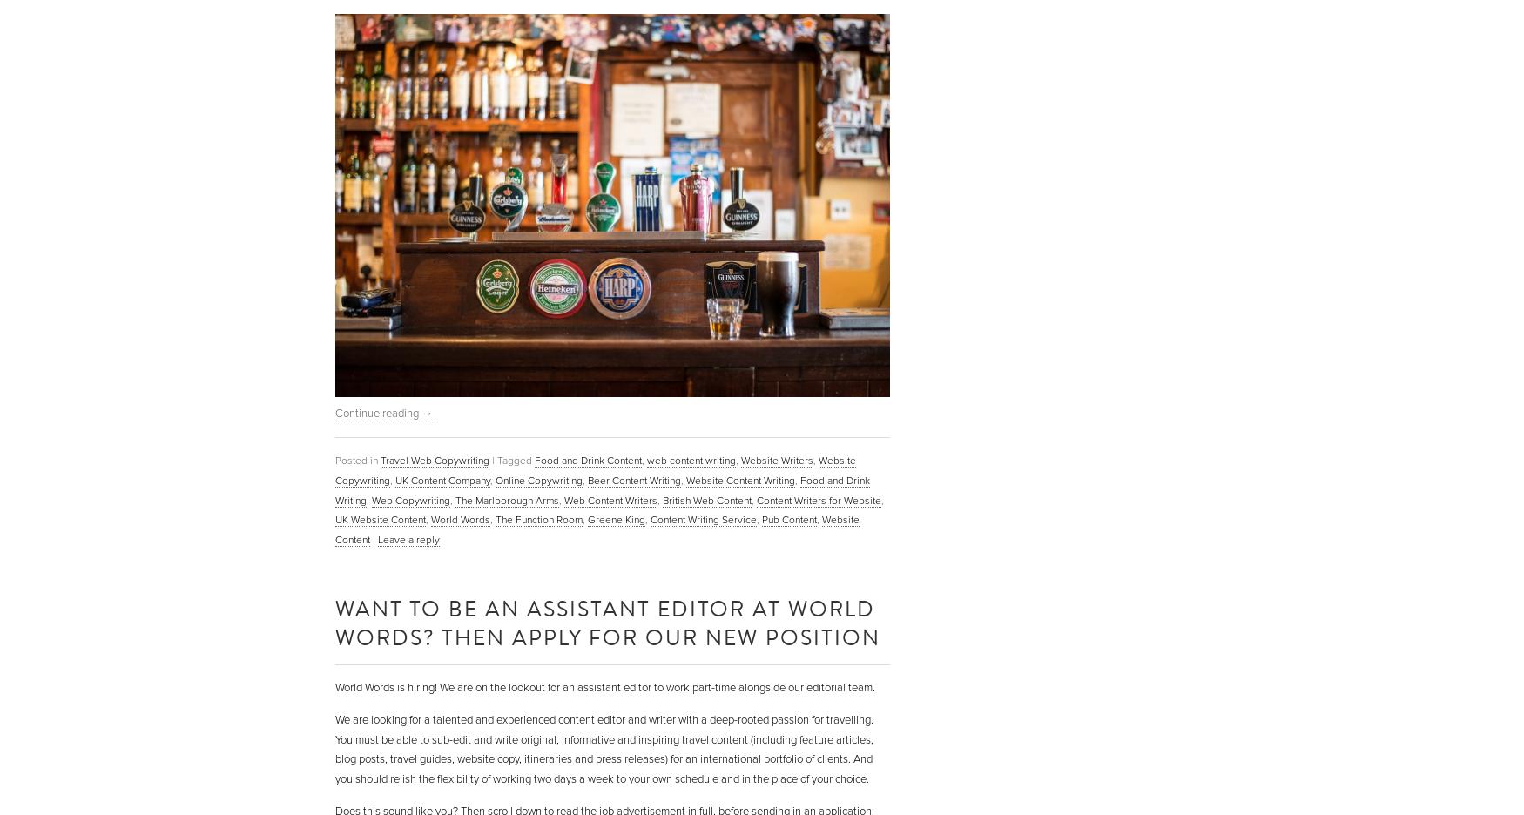  What do you see at coordinates (355, 461) in the screenshot?
I see `'Posted in'` at bounding box center [355, 461].